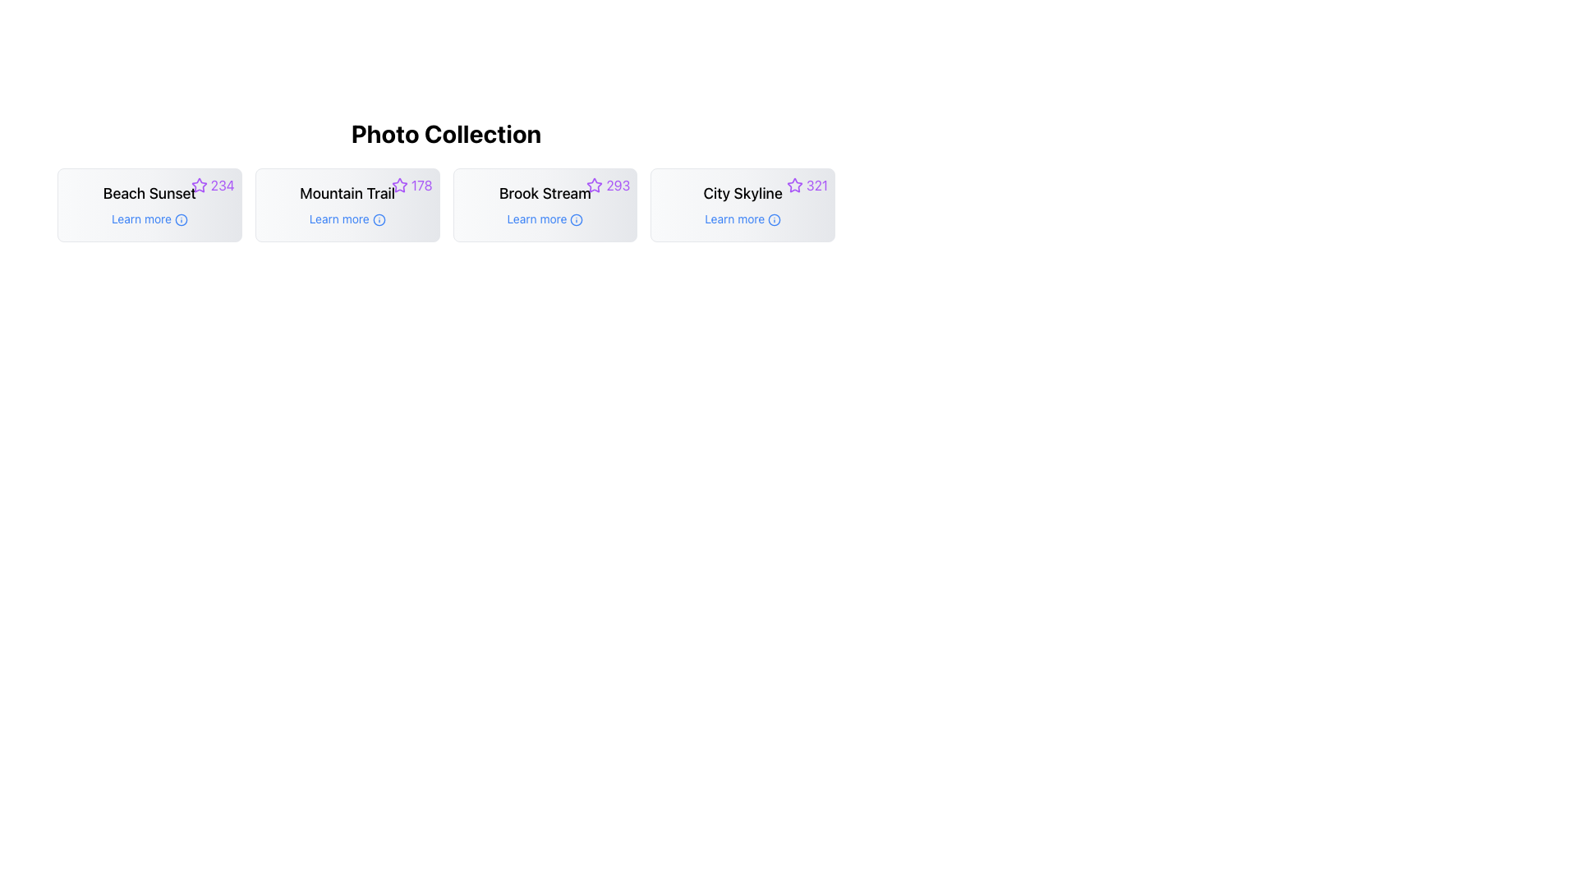 This screenshot has height=887, width=1577. Describe the element at coordinates (347, 218) in the screenshot. I see `the hyperlink icon next to the 'Learn more' text in the second card from the left, below the 'Mountain Trail' title` at that location.